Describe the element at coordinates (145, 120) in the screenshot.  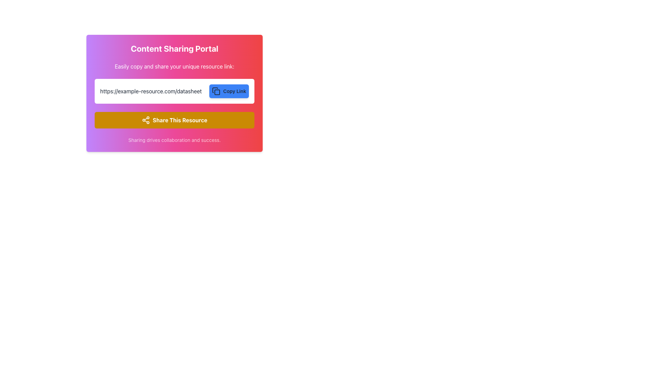
I see `the share icon represented by three connected circles with lines between them, which is part of the yellow button labeled 'Share This Resource' in the 'Content Sharing Portal' panel` at that location.